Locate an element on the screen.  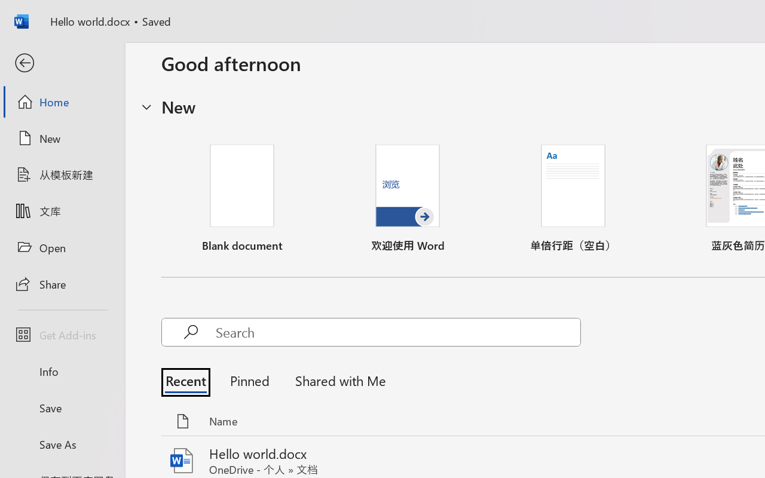
'Save As' is located at coordinates (62, 444).